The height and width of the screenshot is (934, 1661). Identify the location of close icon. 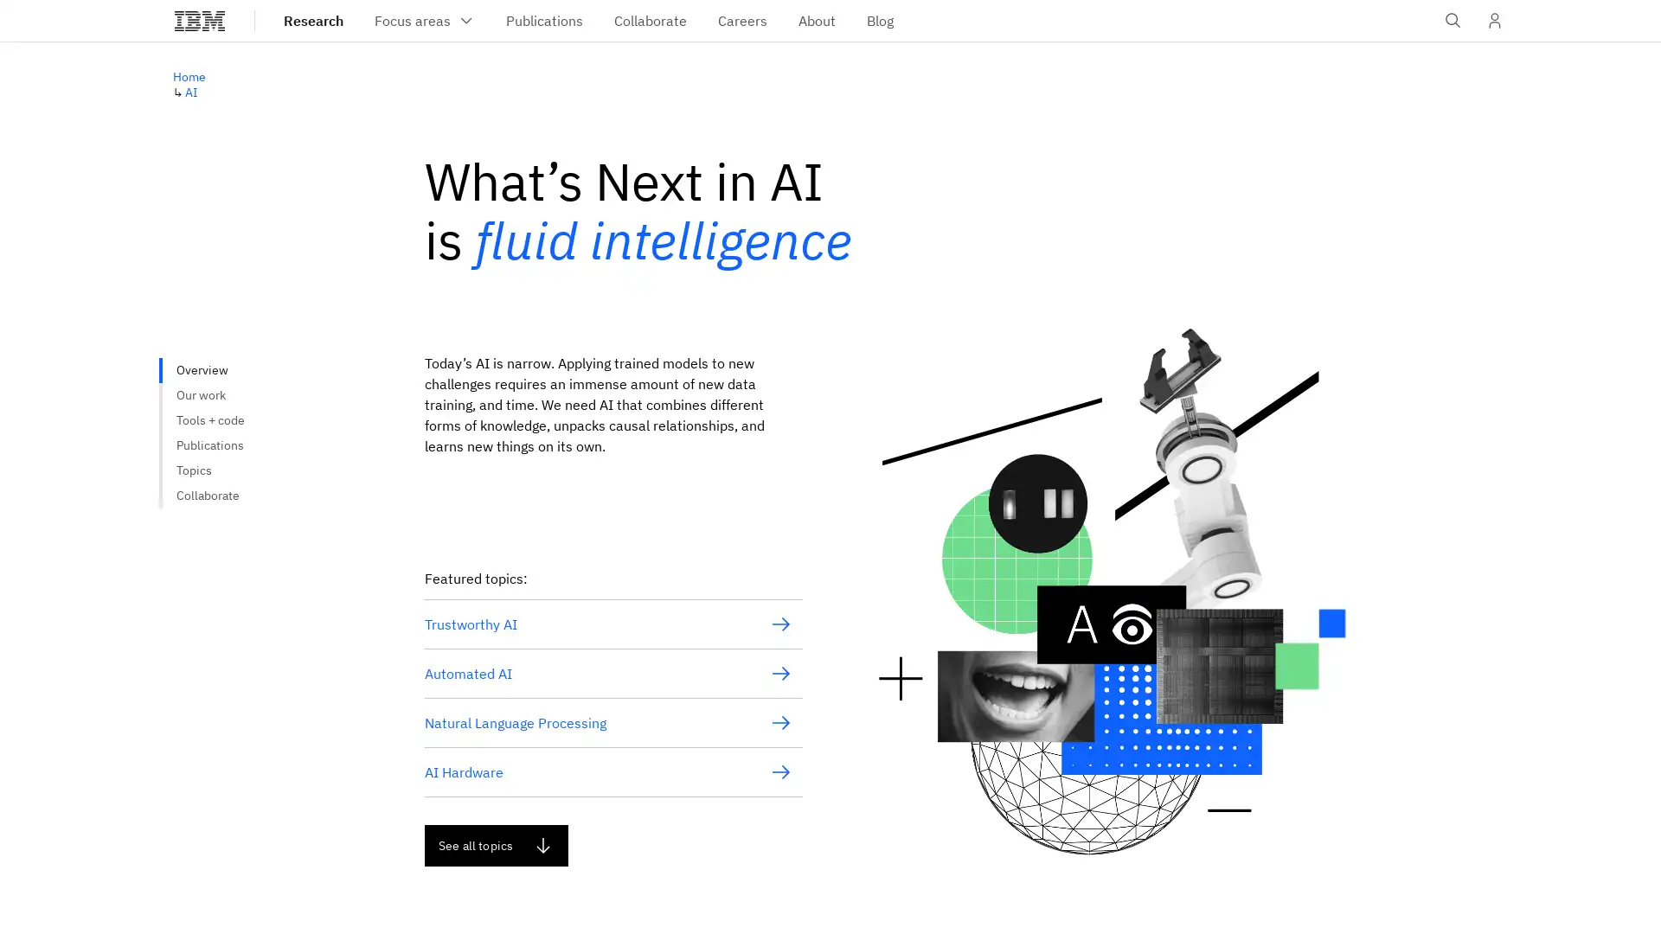
(1647, 779).